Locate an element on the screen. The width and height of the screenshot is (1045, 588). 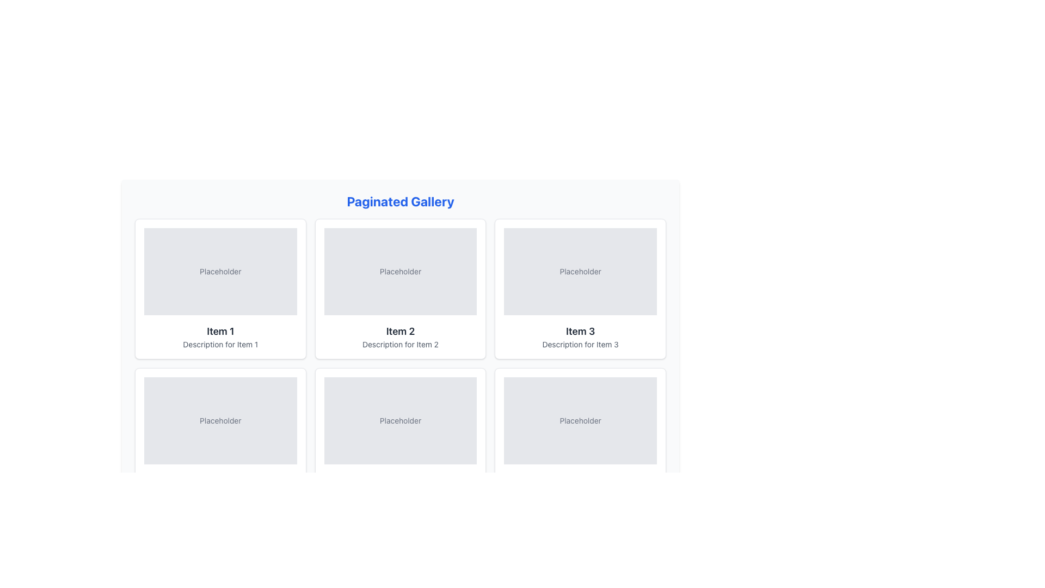
title 'Item 6' and the description 'Description for Item 6' from the Display Card located in the bottom-right corner of the grid is located at coordinates (580, 438).